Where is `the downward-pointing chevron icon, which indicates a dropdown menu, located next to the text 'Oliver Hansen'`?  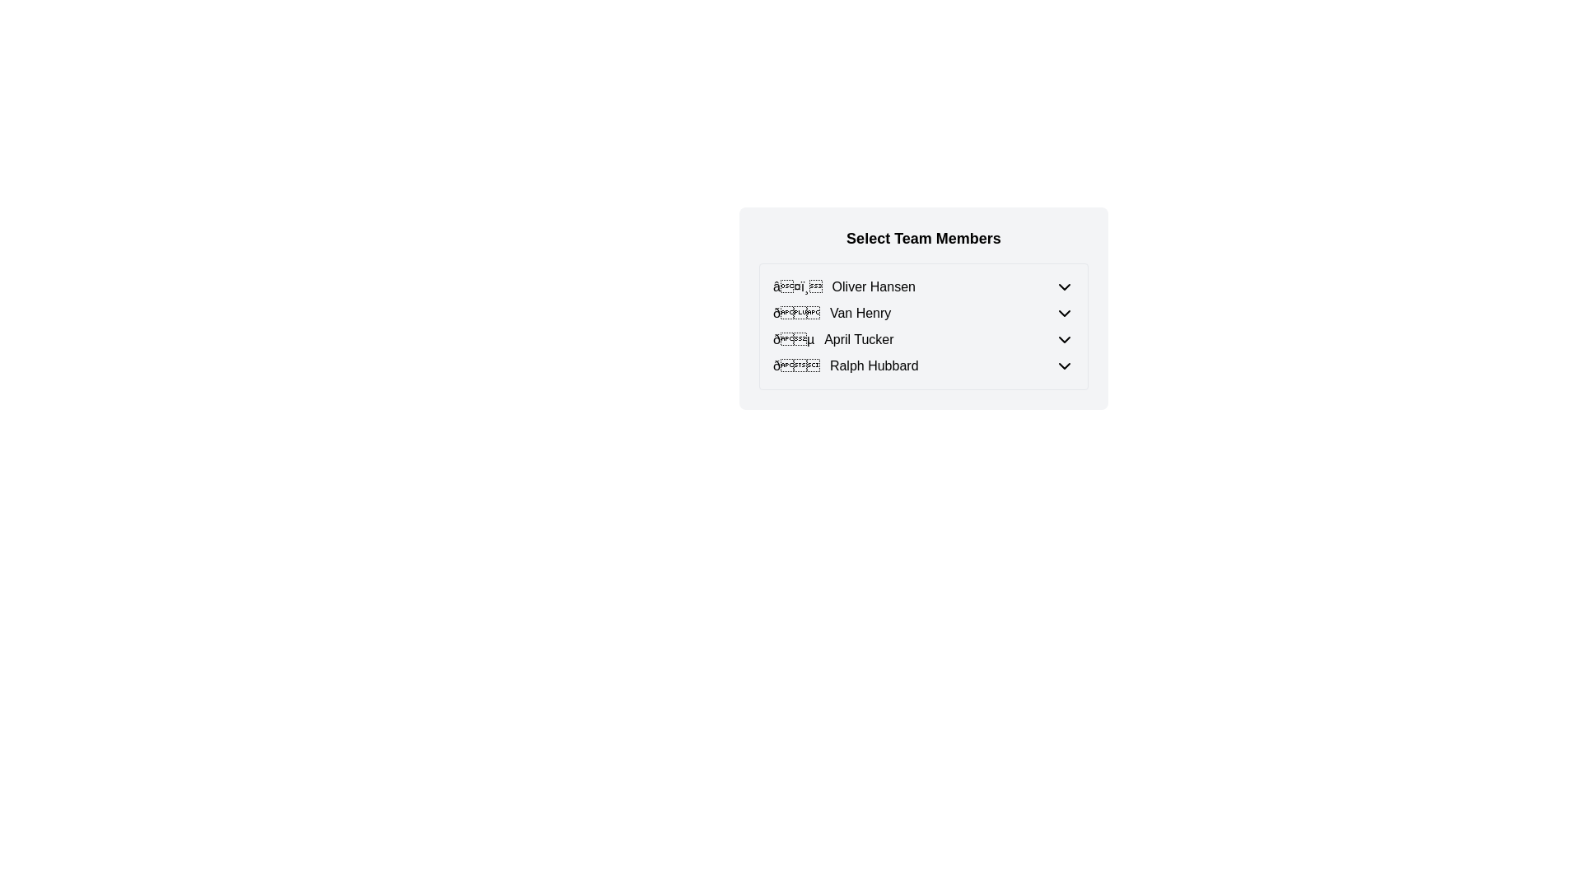 the downward-pointing chevron icon, which indicates a dropdown menu, located next to the text 'Oliver Hansen' is located at coordinates (1064, 286).